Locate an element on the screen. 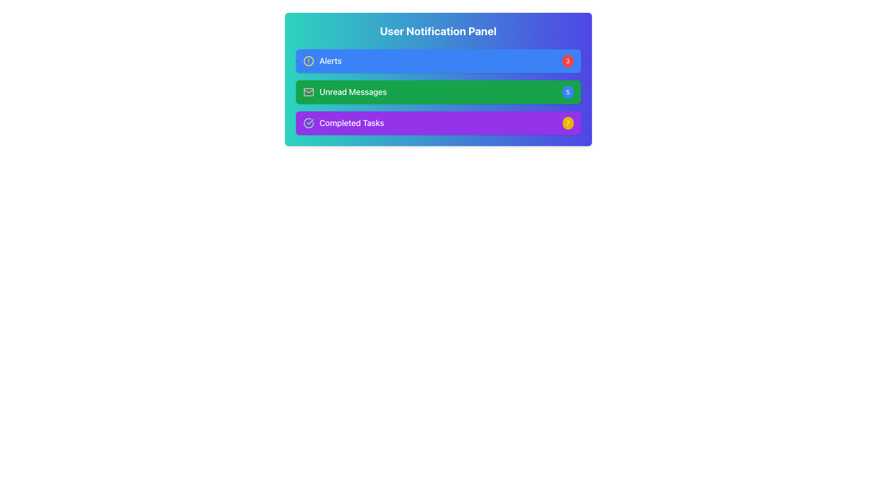 This screenshot has height=493, width=877. the decorative SVG circle component located in the notification panel, adjacent to the 'Alerts' label is located at coordinates (308, 61).